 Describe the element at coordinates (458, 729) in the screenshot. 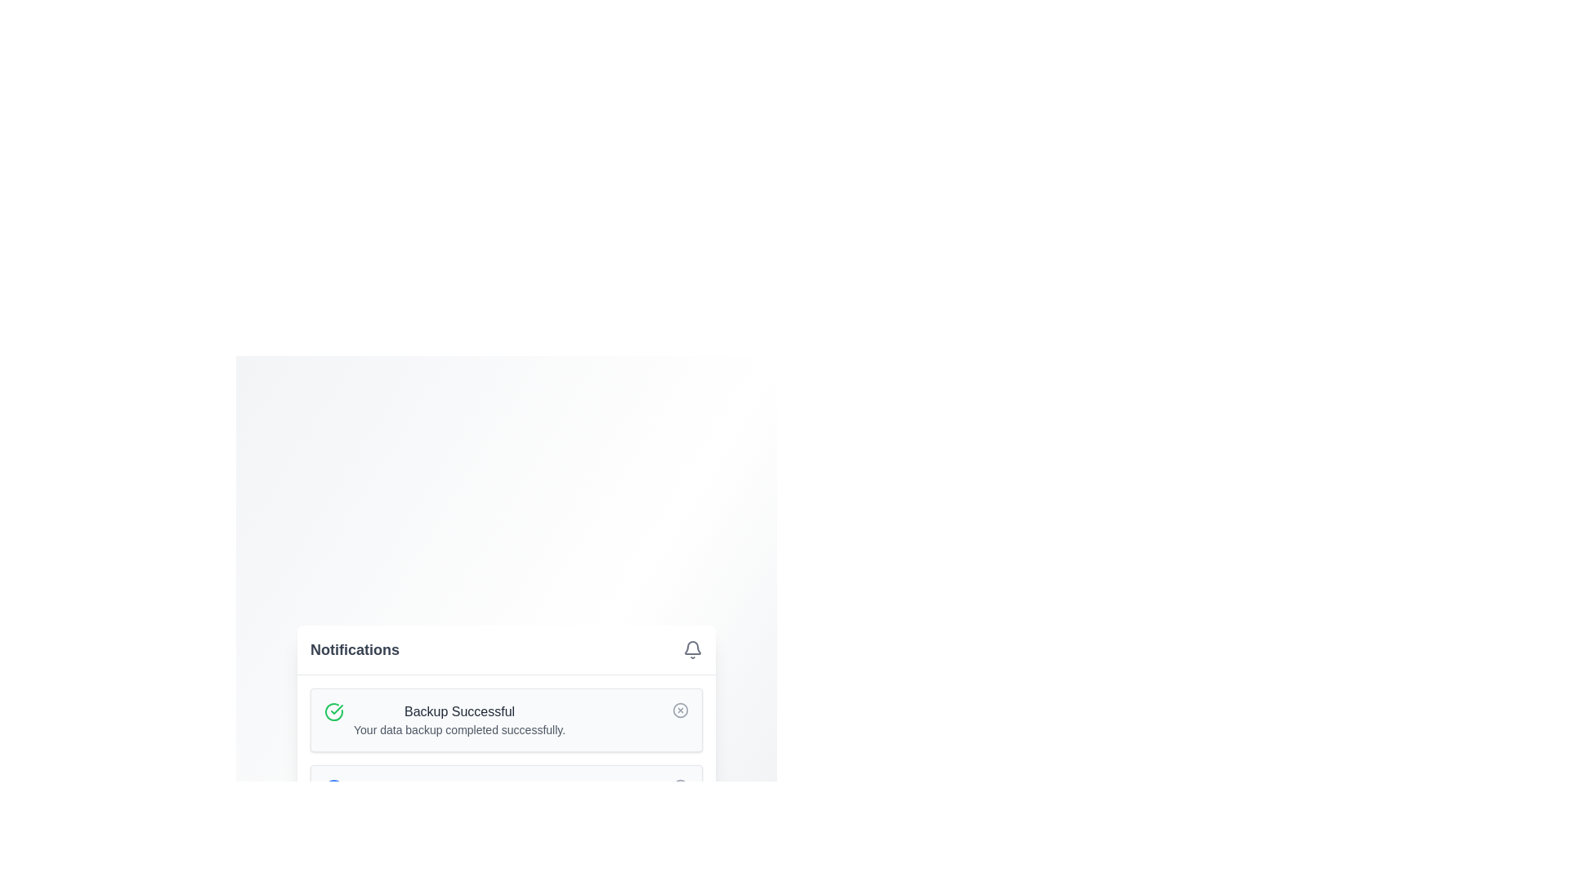

I see `the text label that reads 'Your data backup completed successfully.' which is located below the bold header 'Backup Successful' in the notification card` at that location.